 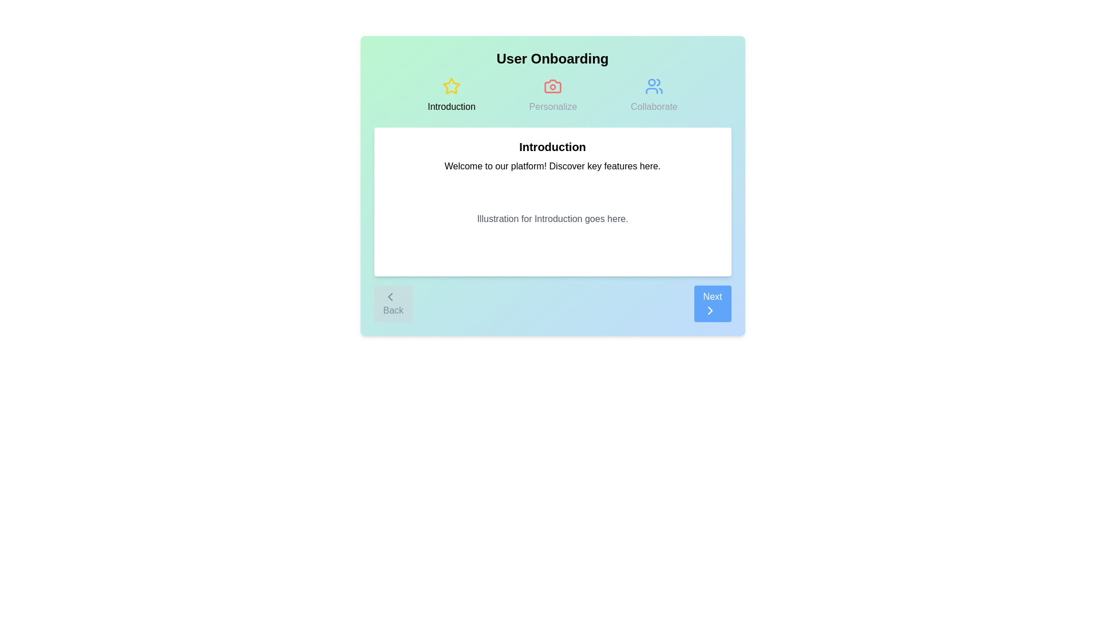 I want to click on the Personalize step icon to switch to that step, so click(x=553, y=94).